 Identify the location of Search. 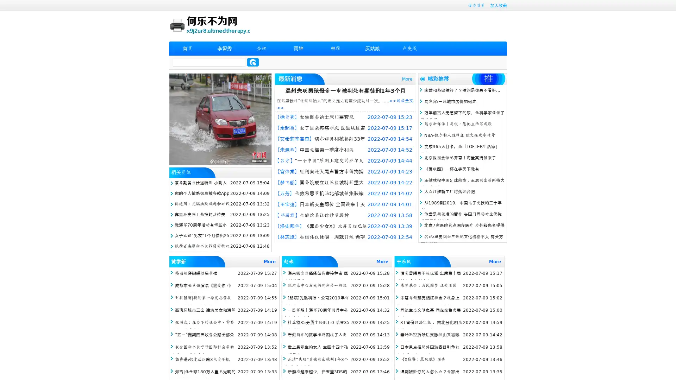
(253, 62).